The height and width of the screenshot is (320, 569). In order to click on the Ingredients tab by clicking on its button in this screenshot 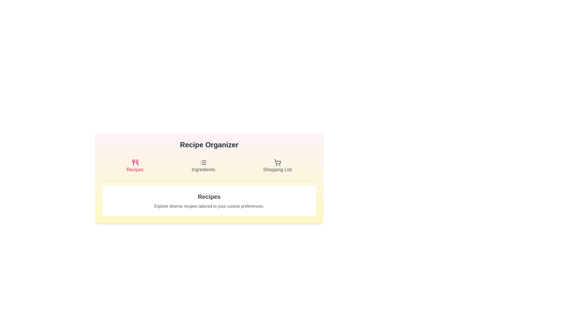, I will do `click(203, 166)`.